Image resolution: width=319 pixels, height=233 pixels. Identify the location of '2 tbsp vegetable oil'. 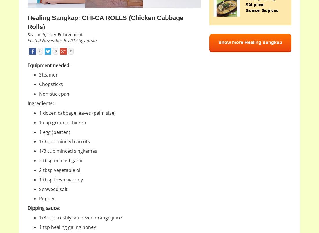
(61, 170).